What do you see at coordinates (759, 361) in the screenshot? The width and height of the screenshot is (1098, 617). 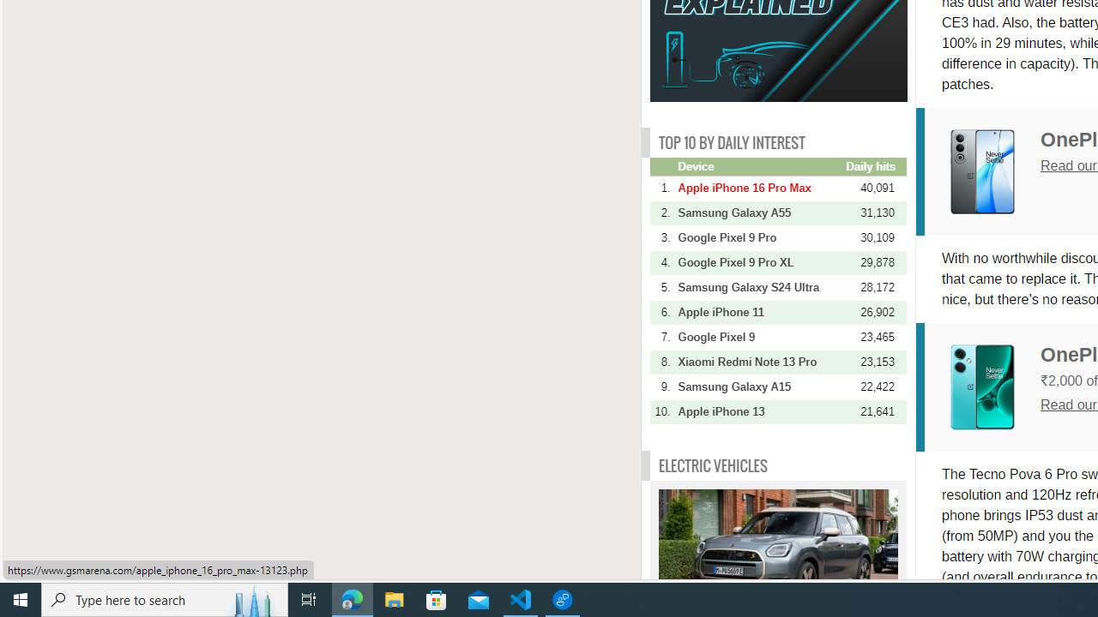 I see `'Xiaomi Redmi Note 13 Pro'` at bounding box center [759, 361].